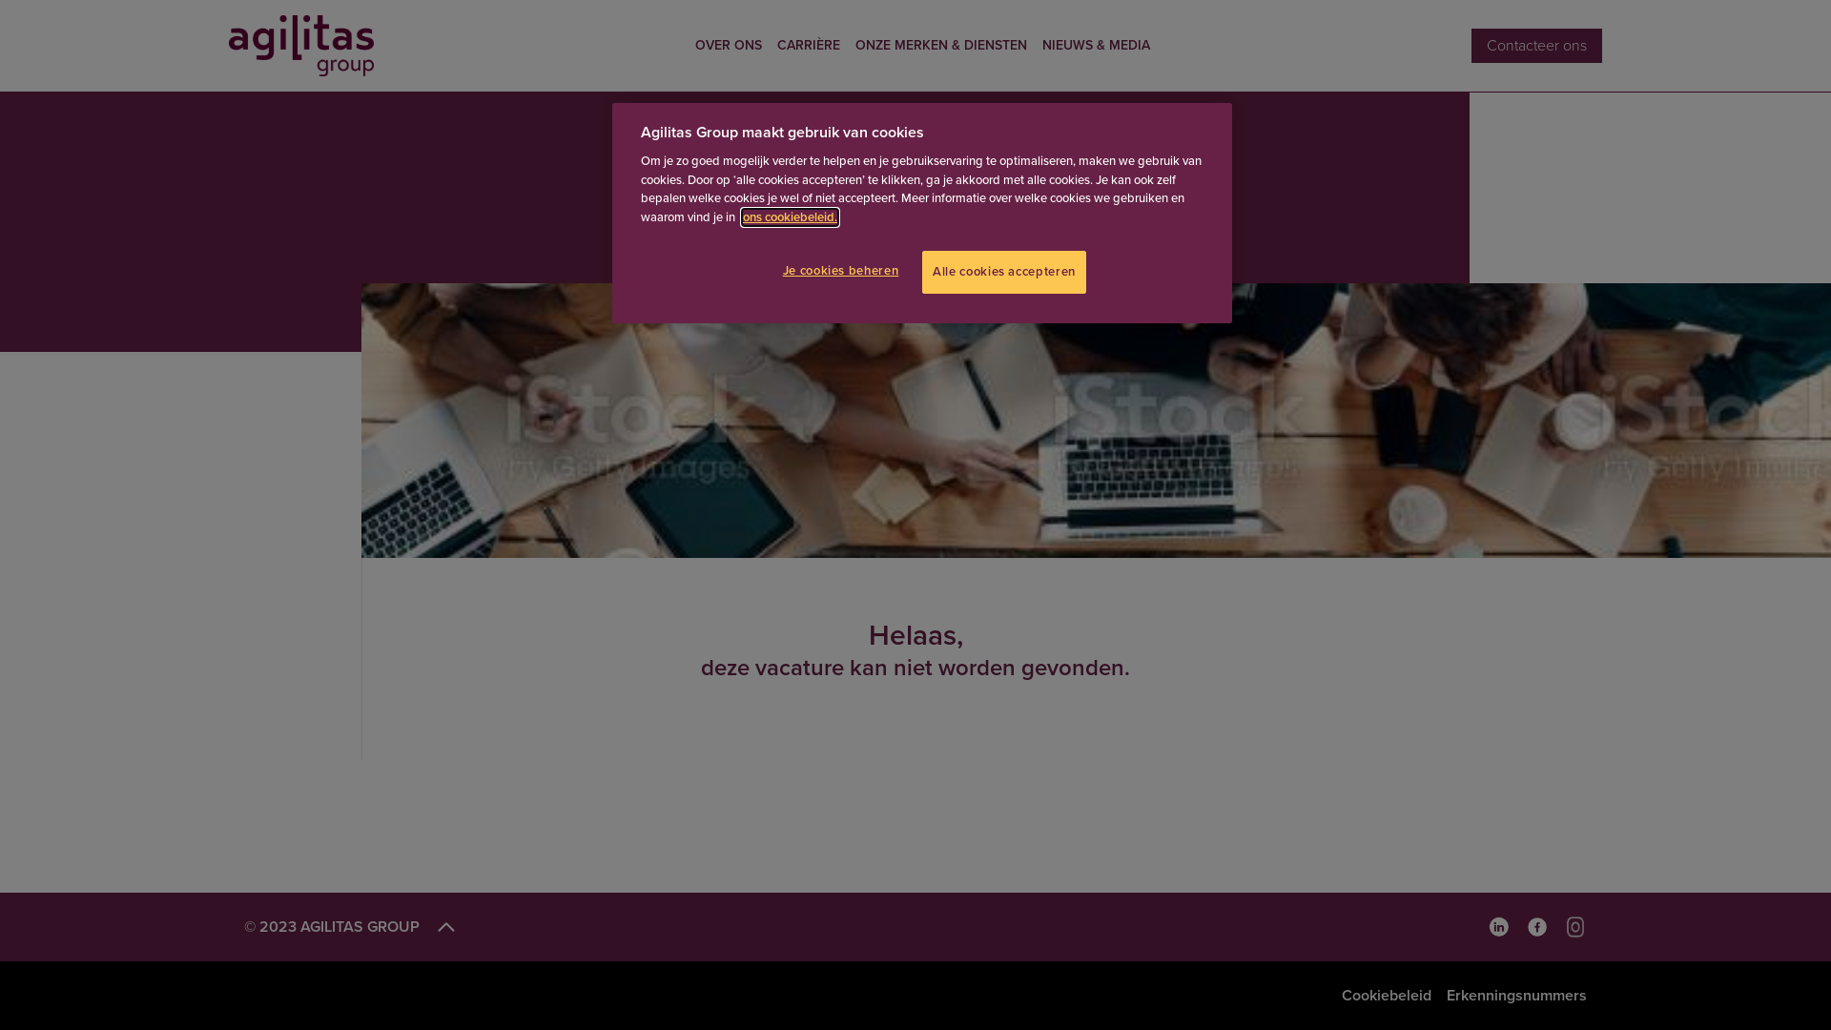 The image size is (1831, 1030). Describe the element at coordinates (1536, 44) in the screenshot. I see `'Contacteer ons'` at that location.